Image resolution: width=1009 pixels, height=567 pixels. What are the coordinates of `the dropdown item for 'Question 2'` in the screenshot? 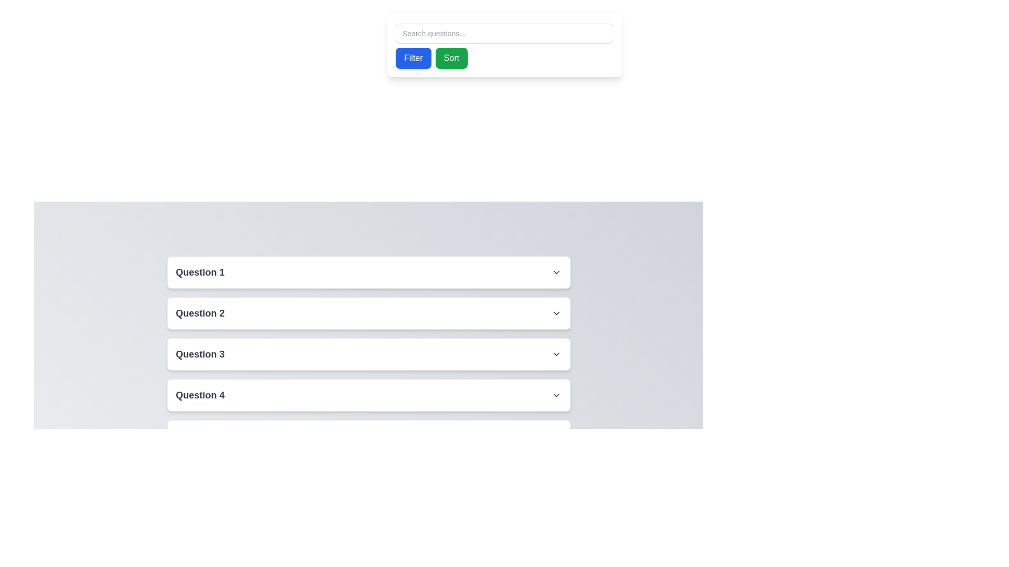 It's located at (368, 313).